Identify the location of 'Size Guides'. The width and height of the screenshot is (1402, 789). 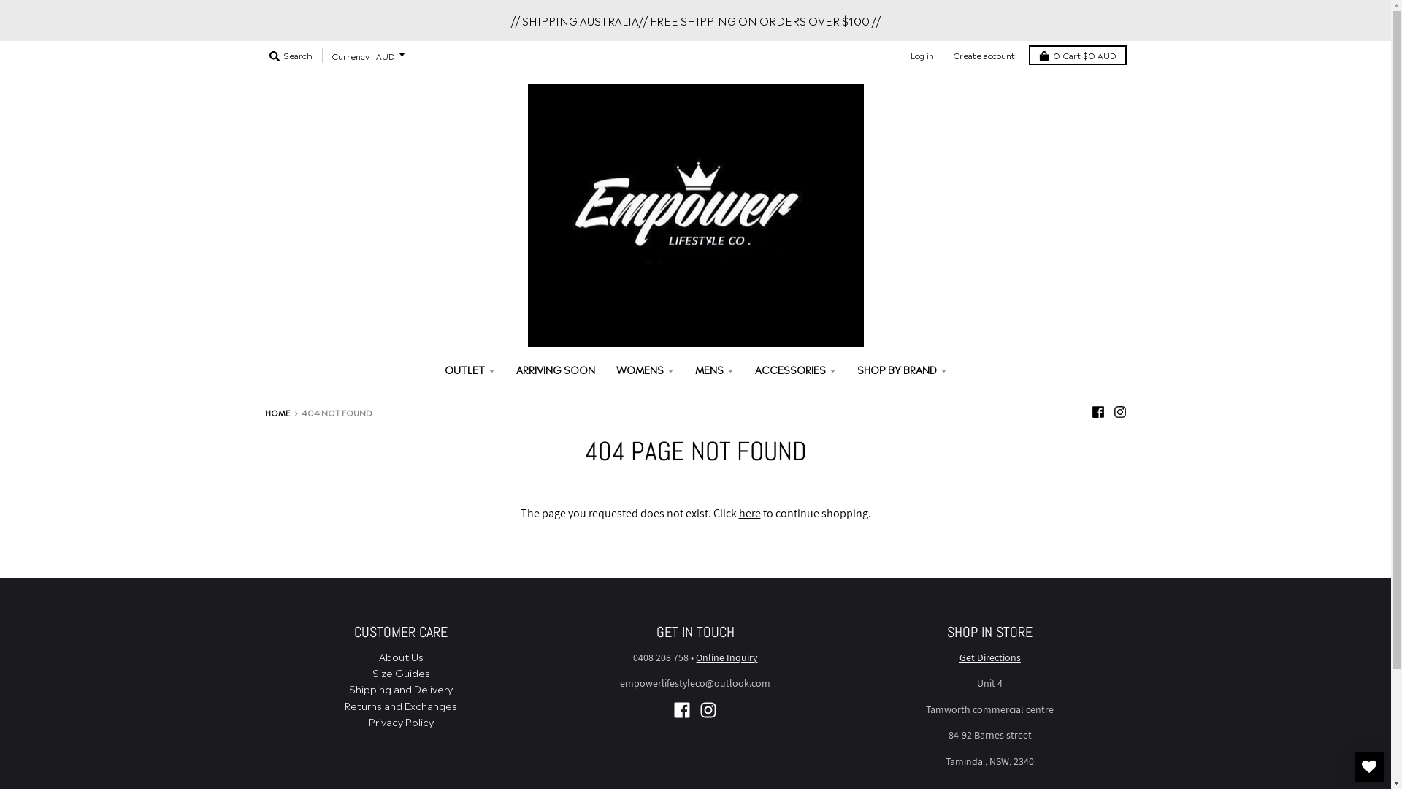
(401, 672).